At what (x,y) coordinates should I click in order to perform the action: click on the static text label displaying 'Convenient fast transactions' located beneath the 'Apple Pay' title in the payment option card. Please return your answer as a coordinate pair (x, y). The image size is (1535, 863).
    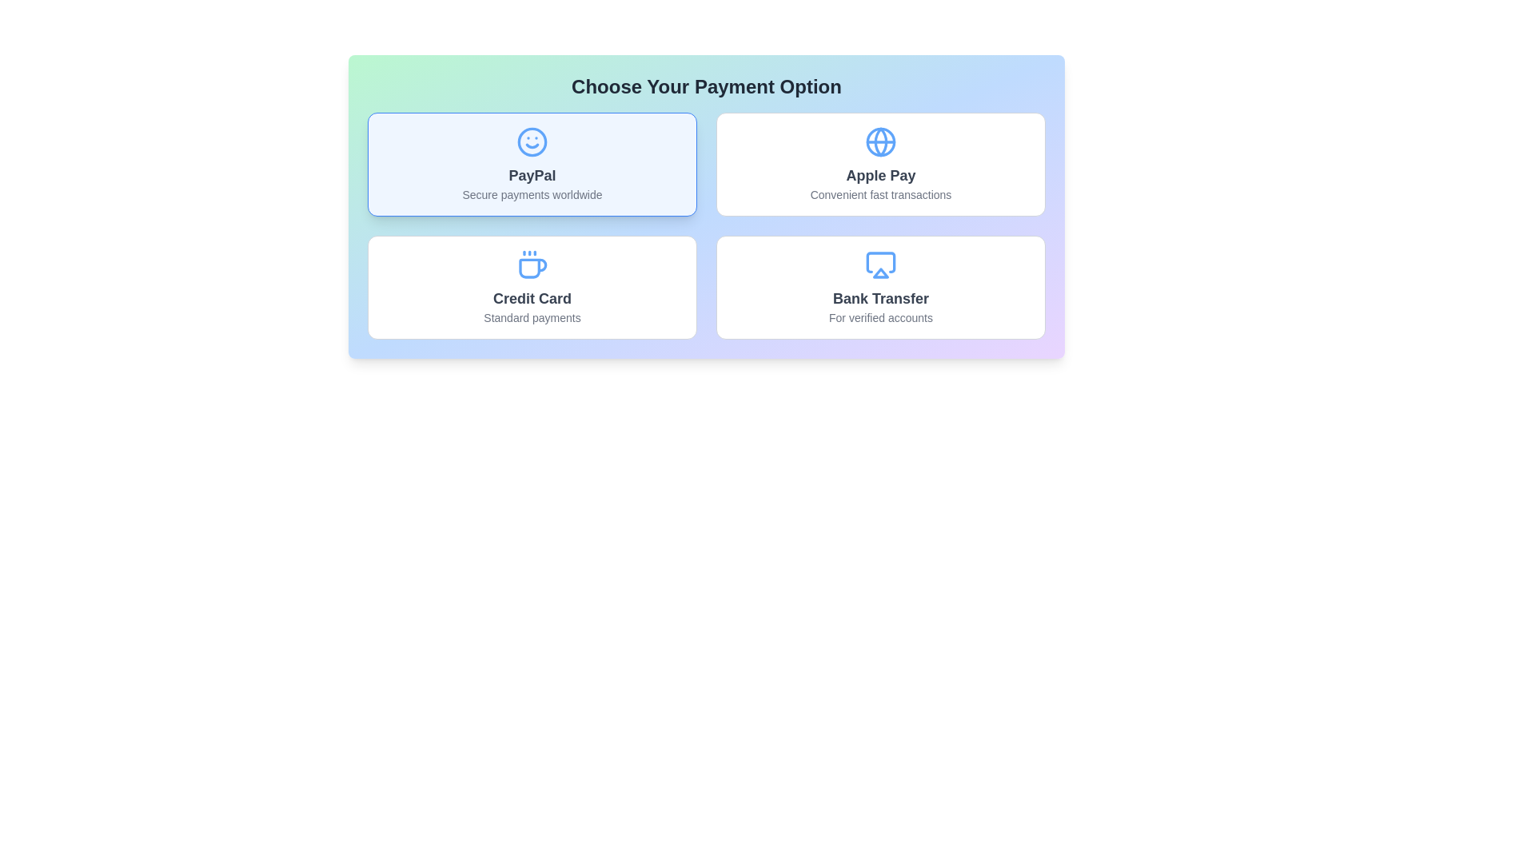
    Looking at the image, I should click on (880, 193).